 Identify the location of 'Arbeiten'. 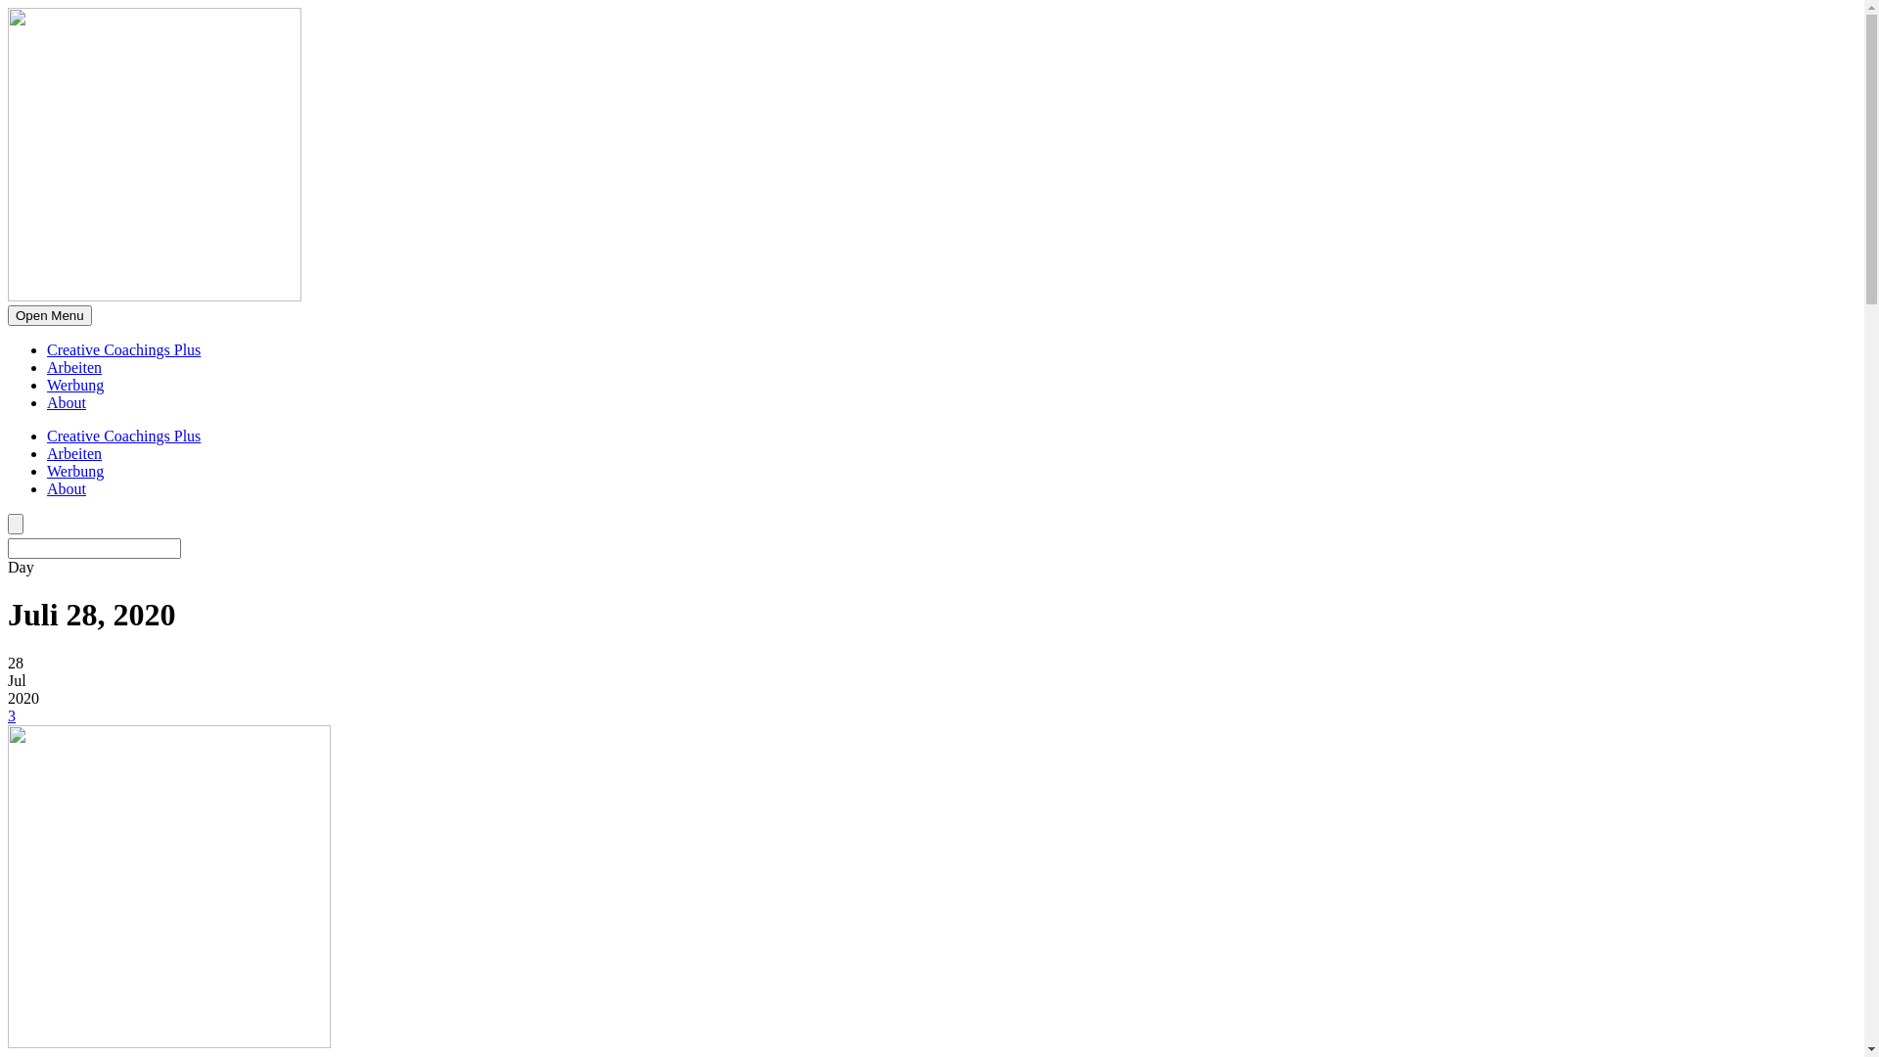
(74, 453).